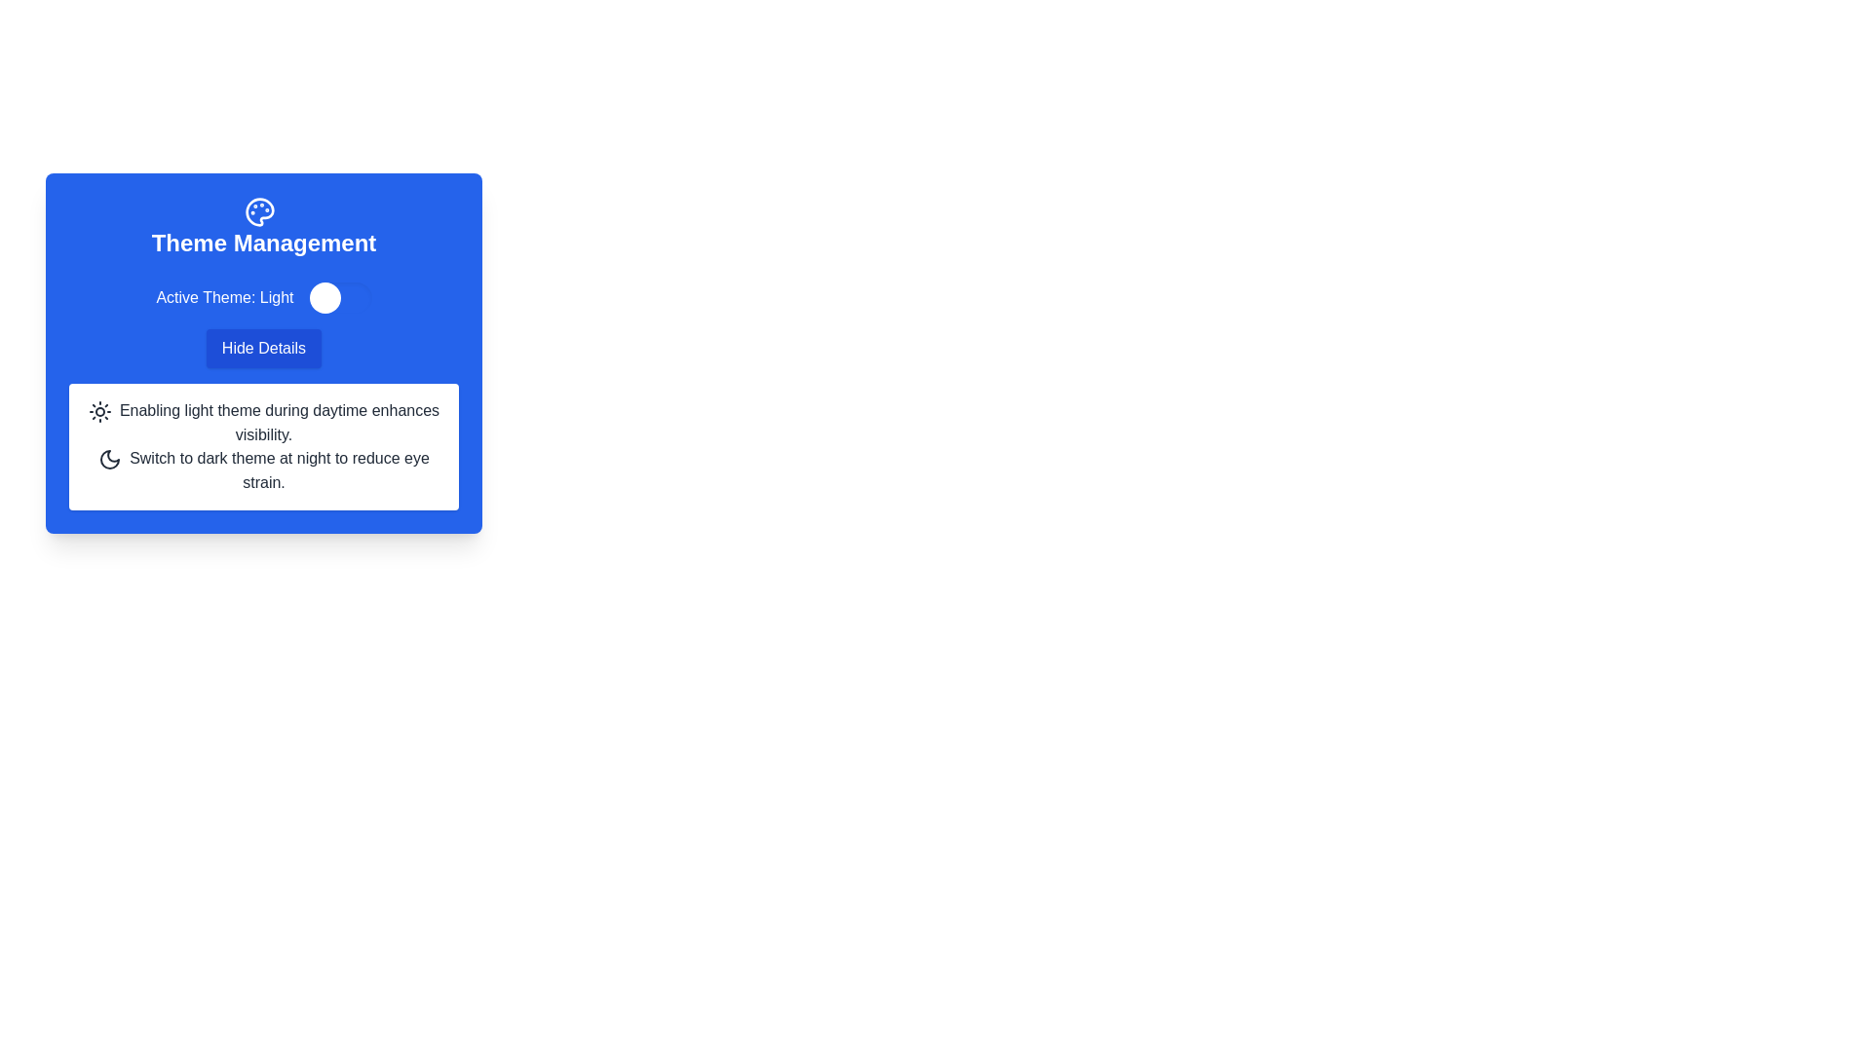 This screenshot has height=1052, width=1871. What do you see at coordinates (259, 212) in the screenshot?
I see `the painter's palette icon located in the 'Theme Management' section, which is visually distinct against a blue background and positioned before the text 'Theme Management'` at bounding box center [259, 212].